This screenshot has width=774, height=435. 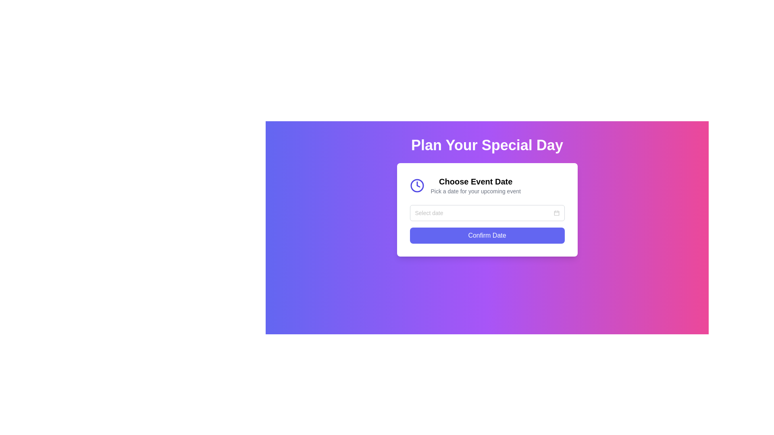 I want to click on the decorative calendar icon located to the right of the 'Select date' input field in the date picker component, so click(x=556, y=212).